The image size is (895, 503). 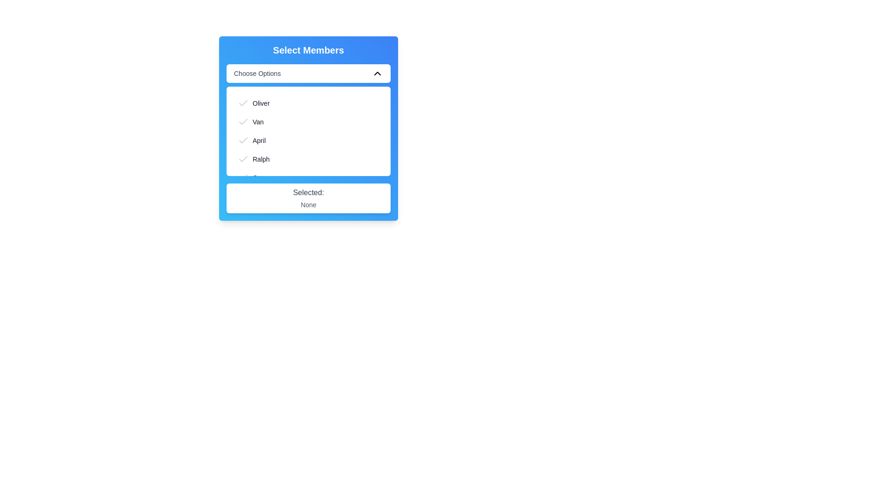 I want to click on the small checkmark icon located at the bottom-center of the 'Select Members' dialog box, beneath the 'Selected: None' label, so click(x=243, y=215).